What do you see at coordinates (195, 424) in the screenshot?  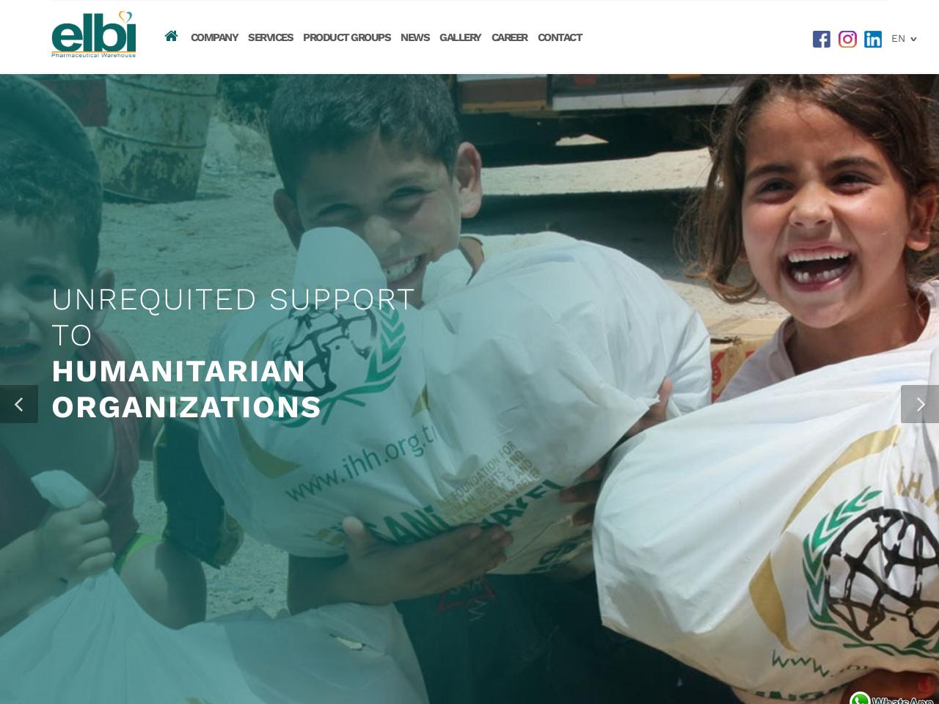 I see `'Elbi Pharmaceutical Warehouse performs parallel exports of the most reliable products in the international arena.'` at bounding box center [195, 424].